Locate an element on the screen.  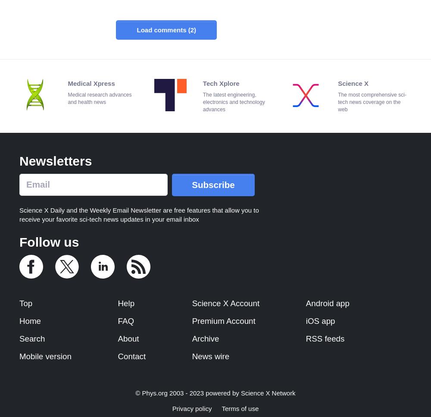
'Medical Xpress' is located at coordinates (91, 83).